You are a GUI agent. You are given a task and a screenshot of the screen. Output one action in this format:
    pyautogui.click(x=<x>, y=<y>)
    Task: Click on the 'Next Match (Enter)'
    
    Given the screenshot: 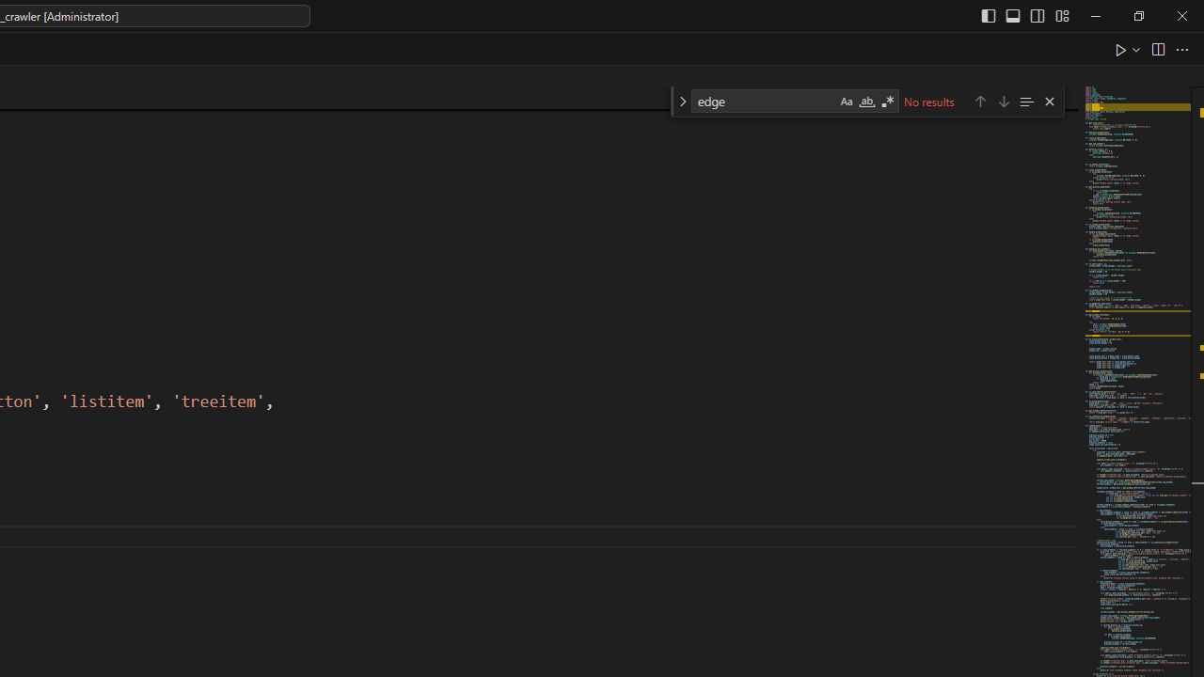 What is the action you would take?
    pyautogui.click(x=1002, y=101)
    